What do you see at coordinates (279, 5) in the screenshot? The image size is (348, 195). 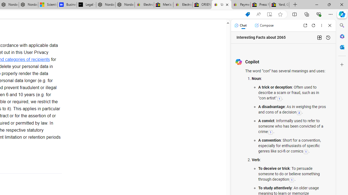 I see `'Yard, Garden & Outdoor Living'` at bounding box center [279, 5].